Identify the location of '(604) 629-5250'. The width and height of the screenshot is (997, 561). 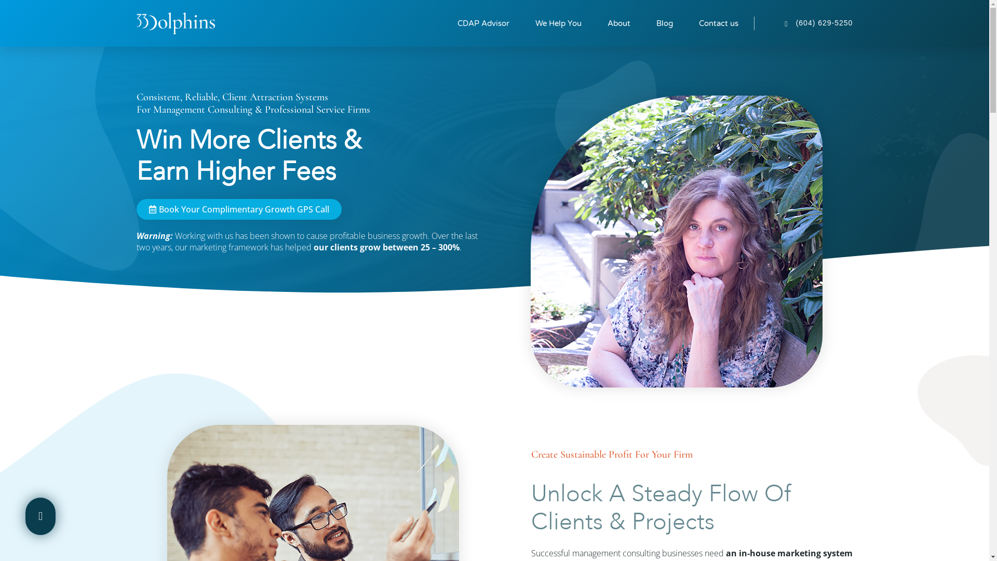
(803, 23).